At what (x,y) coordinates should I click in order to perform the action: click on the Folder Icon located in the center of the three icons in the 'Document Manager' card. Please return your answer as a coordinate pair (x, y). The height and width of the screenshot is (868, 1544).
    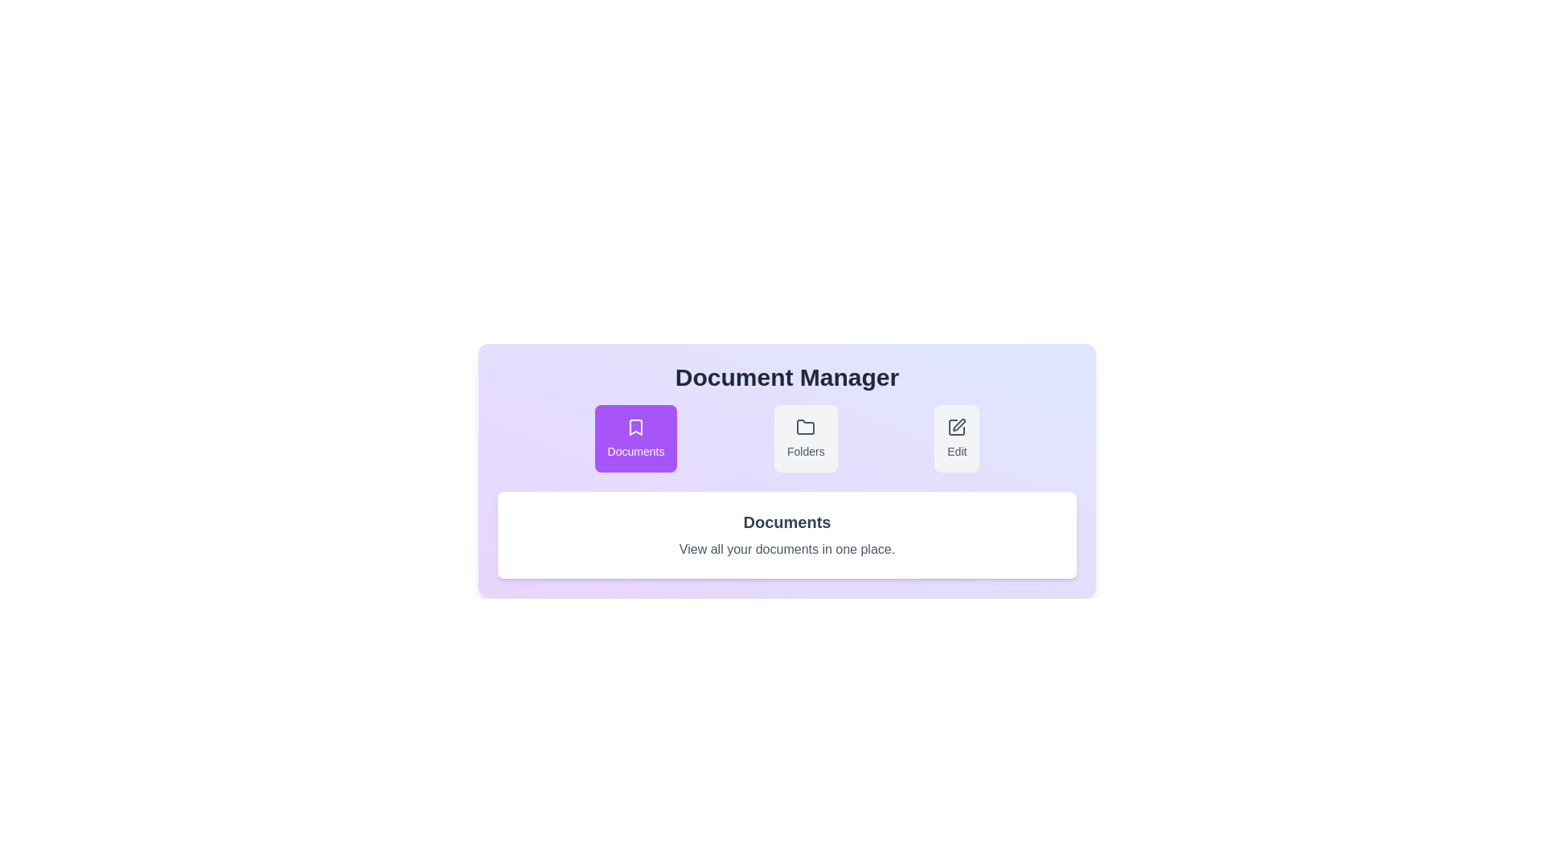
    Looking at the image, I should click on (806, 426).